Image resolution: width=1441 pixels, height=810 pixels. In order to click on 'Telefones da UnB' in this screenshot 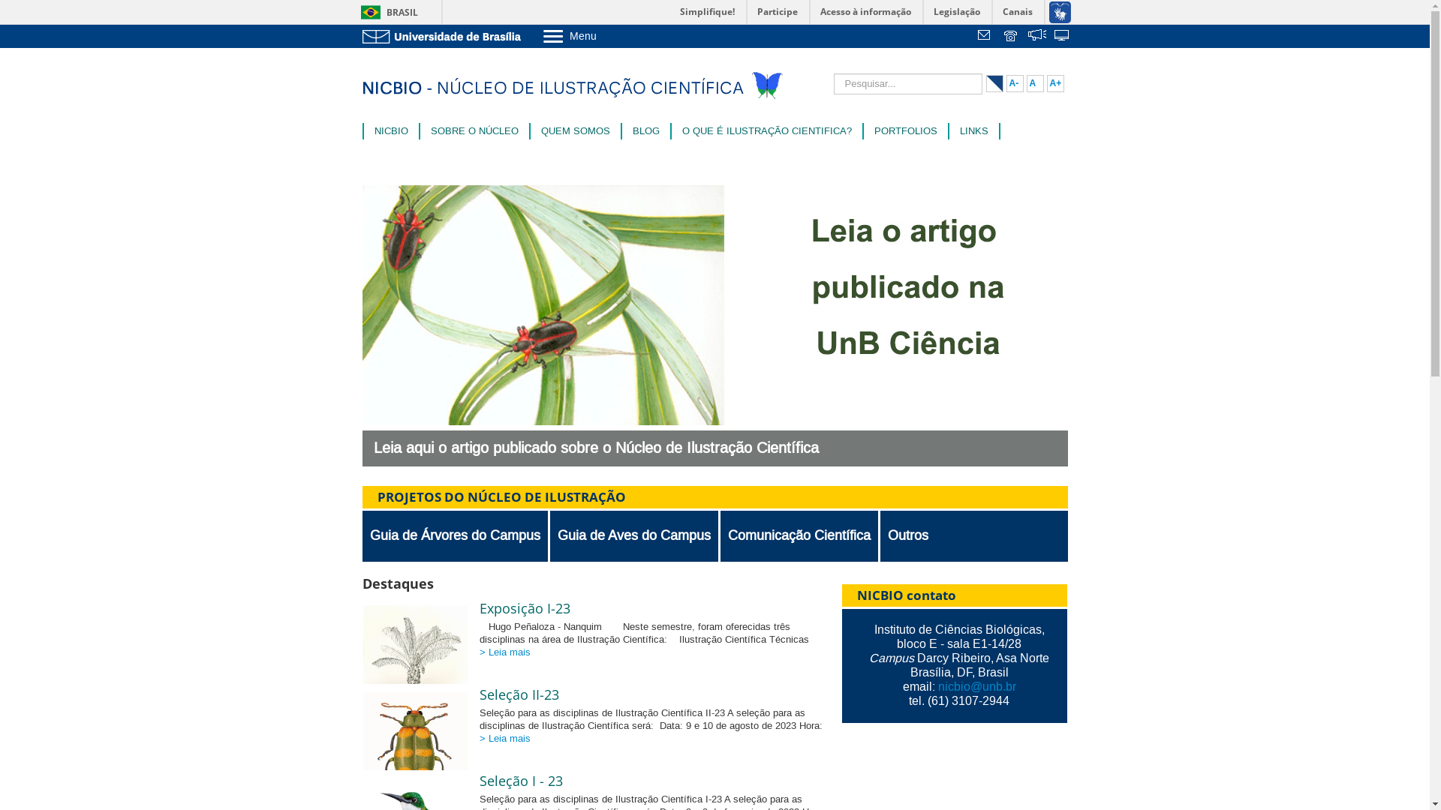, I will do `click(1012, 36)`.